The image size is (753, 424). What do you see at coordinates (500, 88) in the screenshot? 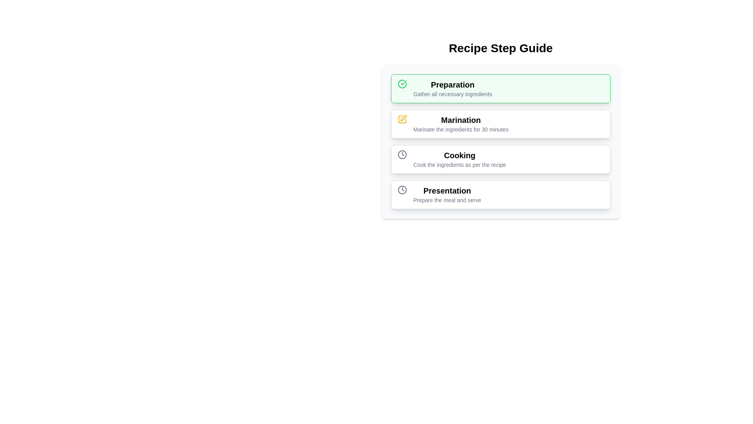
I see `the content of the first informational card indicating the 'Preparation' phase in the Recipe Step Guide, located at the top of the vertically stacked layout` at bounding box center [500, 88].